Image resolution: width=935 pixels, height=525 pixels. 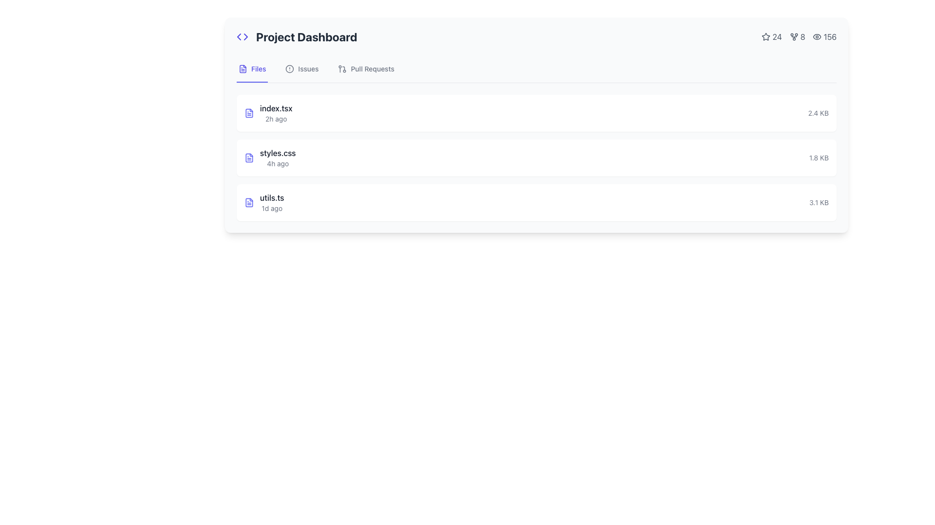 I want to click on the text label displaying 'styles.css', so click(x=277, y=153).